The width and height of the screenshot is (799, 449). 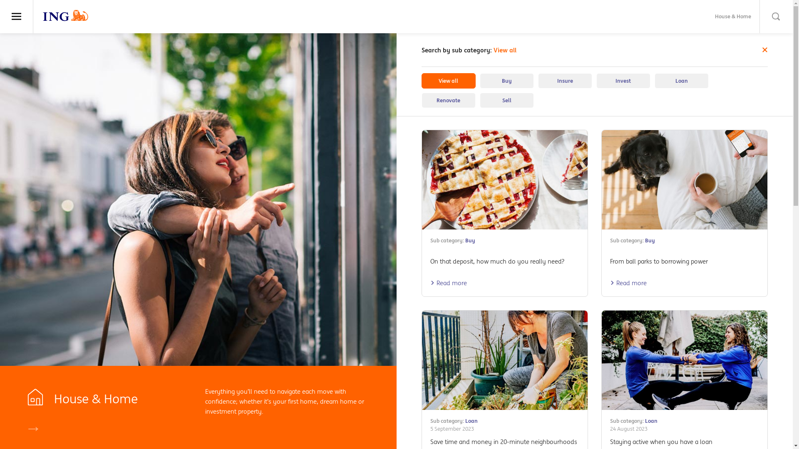 I want to click on 'View all', so click(x=447, y=81).